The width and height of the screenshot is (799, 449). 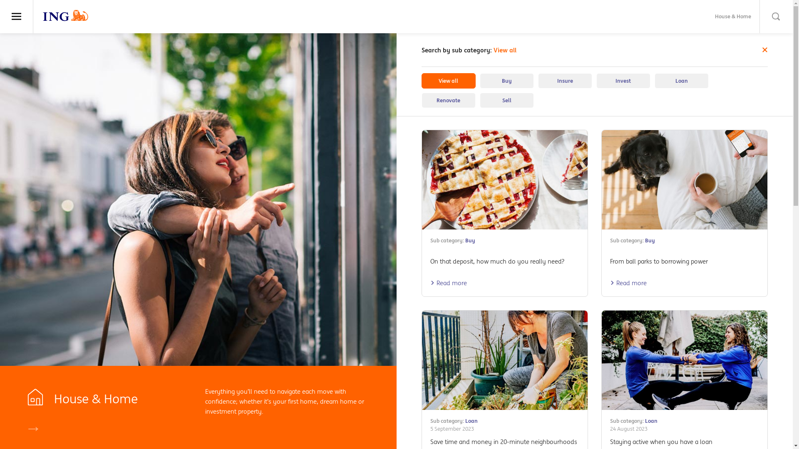 I want to click on 'View all', so click(x=447, y=81).